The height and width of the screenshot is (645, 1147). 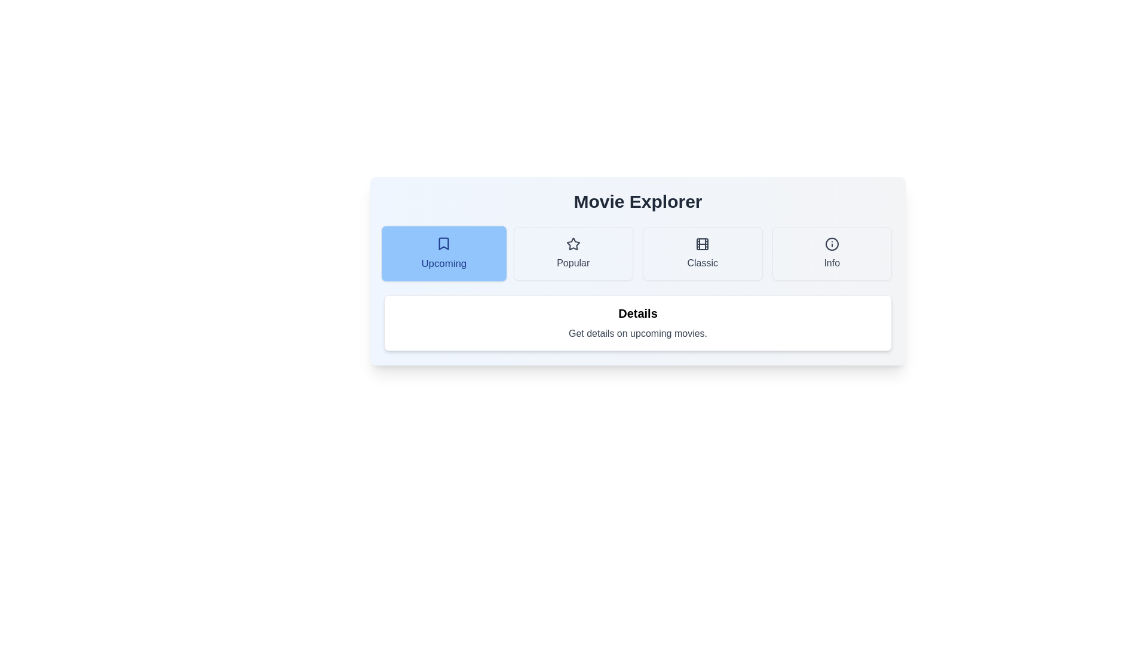 I want to click on the bookmark icon located on the leftmost side of the row of icons at the top of the blue card labeled 'Upcoming'. It is the first icon in the sequence, positioned above the 'Upcoming' text, so click(x=443, y=243).